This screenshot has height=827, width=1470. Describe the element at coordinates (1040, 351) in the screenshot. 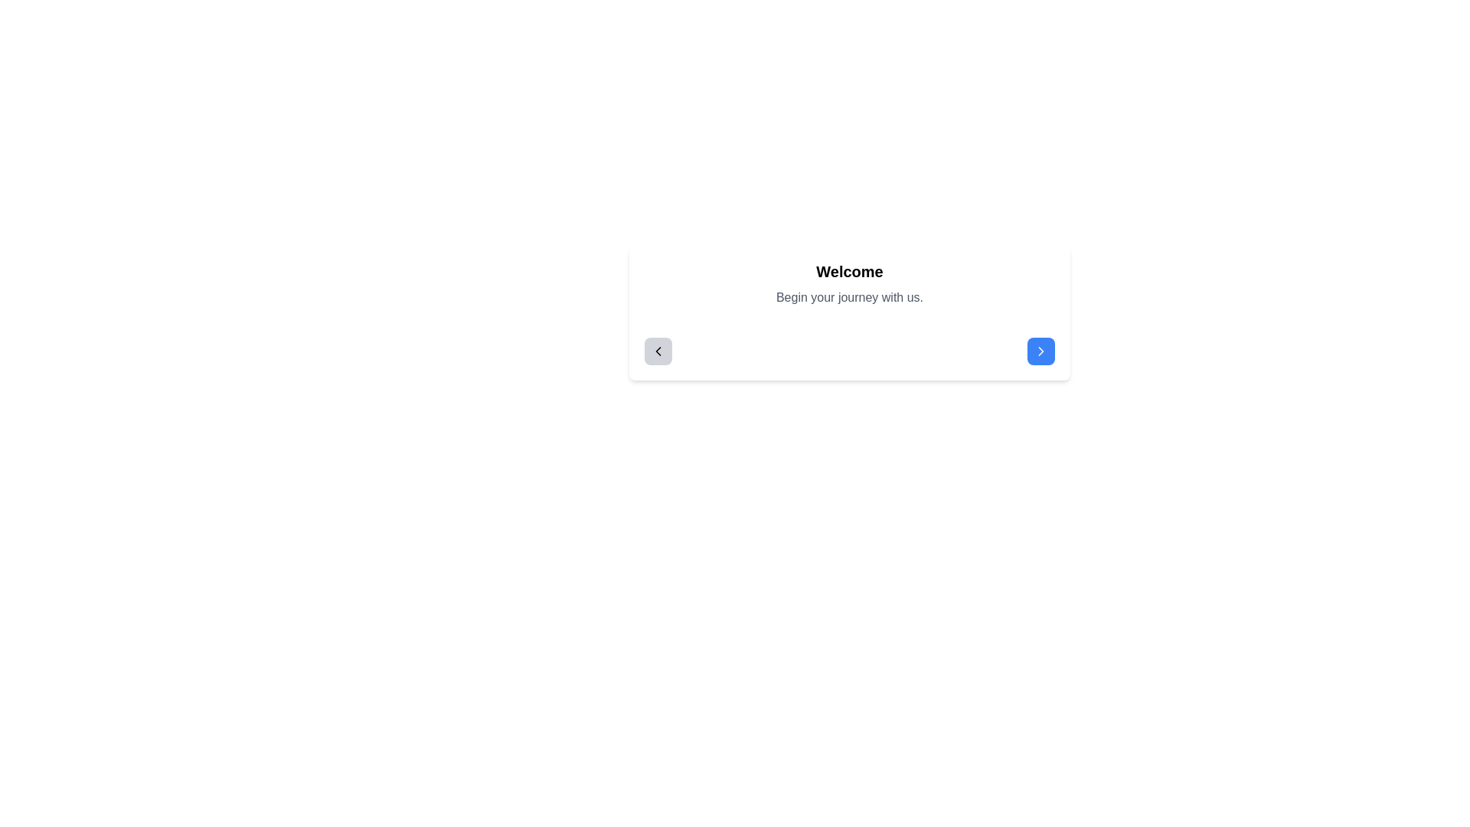

I see `the Chevron Right icon, which is a minimalistic arrow pointing to the right located at the bottom-right corner of the card containing a welcome message` at that location.